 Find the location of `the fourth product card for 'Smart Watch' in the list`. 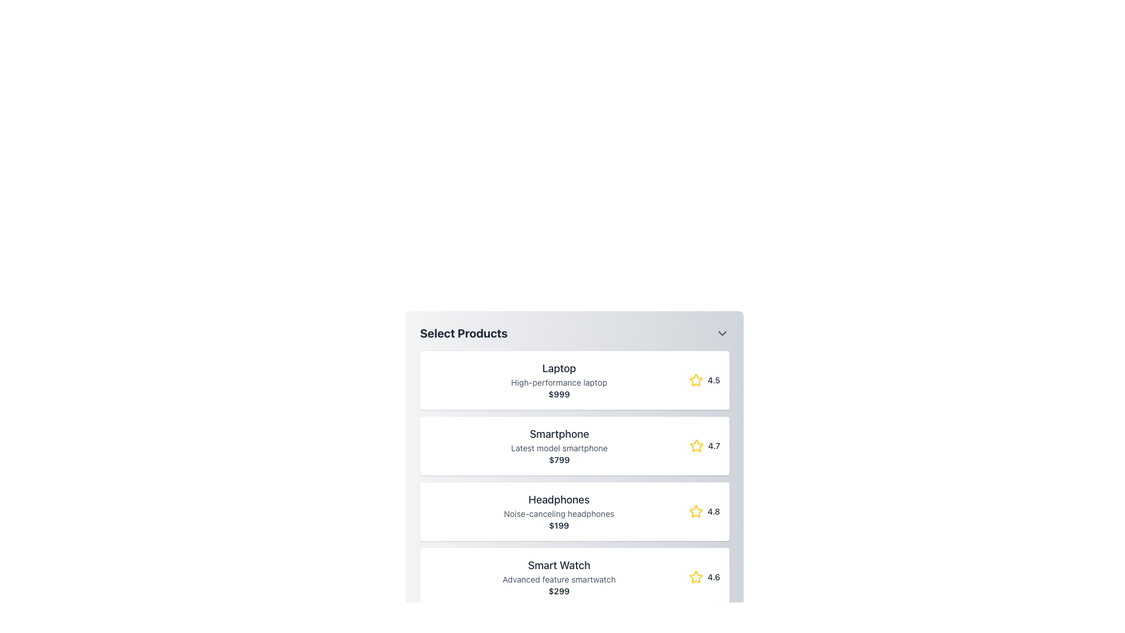

the fourth product card for 'Smart Watch' in the list is located at coordinates (574, 576).